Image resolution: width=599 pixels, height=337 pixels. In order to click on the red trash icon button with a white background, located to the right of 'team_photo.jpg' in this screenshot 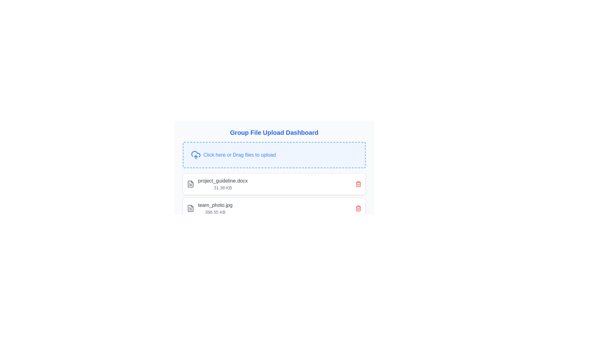, I will do `click(358, 208)`.